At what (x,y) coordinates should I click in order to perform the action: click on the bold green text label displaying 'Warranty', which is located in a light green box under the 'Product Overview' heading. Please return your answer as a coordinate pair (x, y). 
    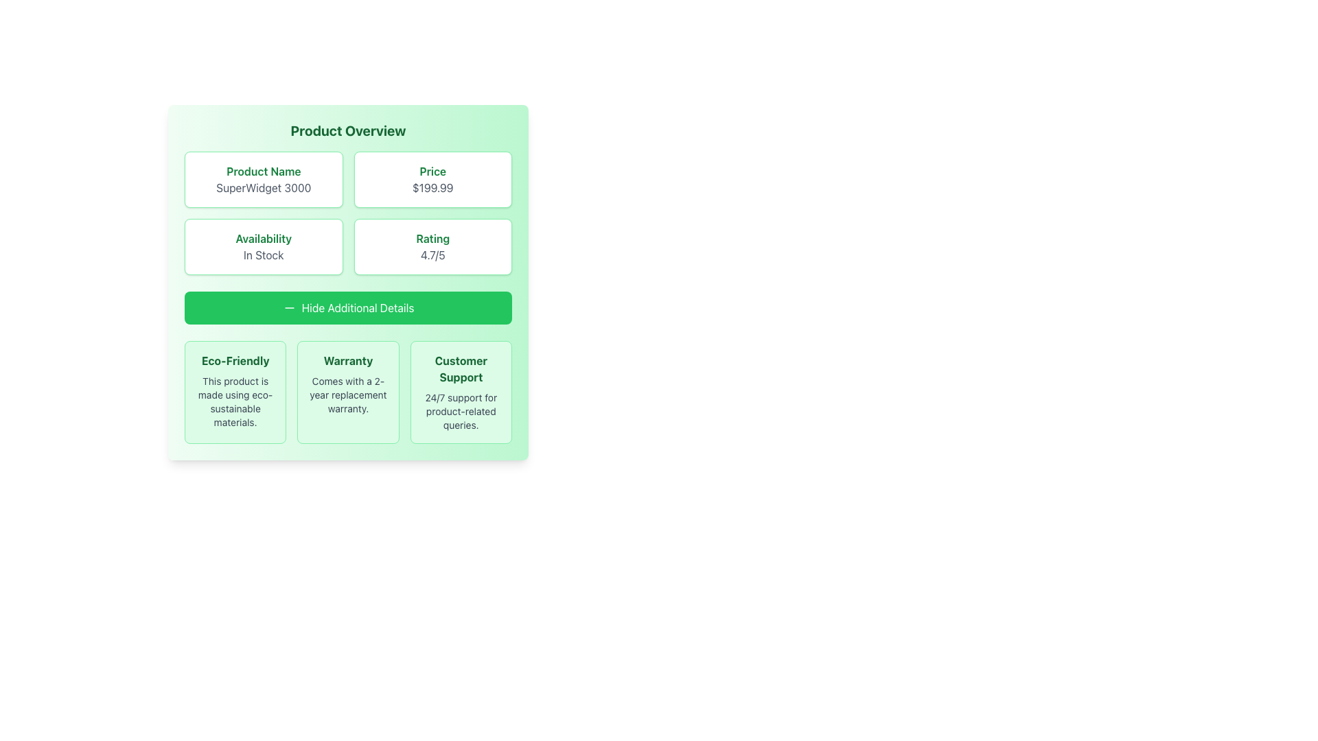
    Looking at the image, I should click on (348, 360).